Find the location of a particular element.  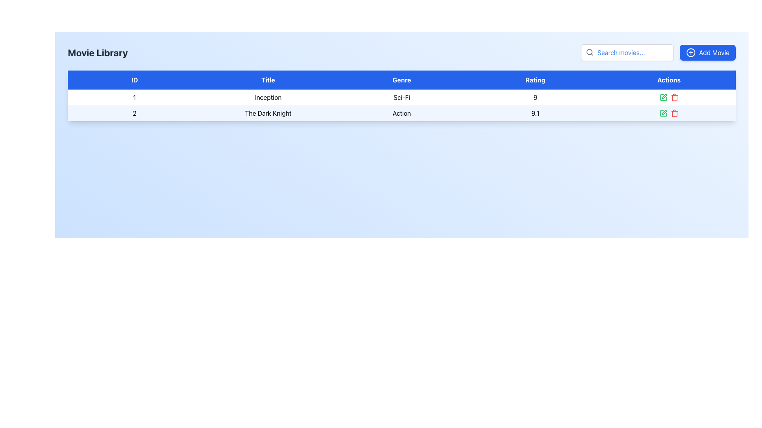

the table cell displaying the genre information for the movie 'Inception', which is the third cell in the corresponding table row under the 'Genre' column is located at coordinates (402, 97).